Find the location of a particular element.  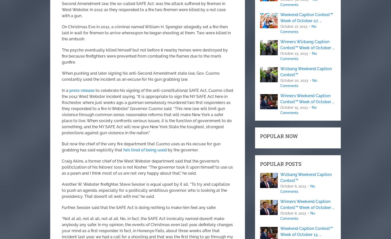

'Popular Posts' is located at coordinates (281, 164).